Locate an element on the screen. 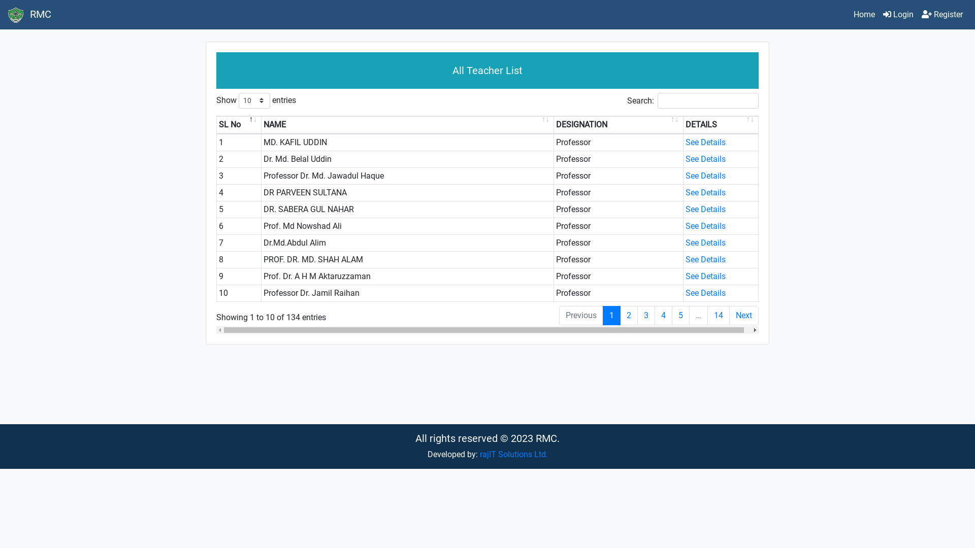 Image resolution: width=975 pixels, height=548 pixels. '3' is located at coordinates (636, 315).